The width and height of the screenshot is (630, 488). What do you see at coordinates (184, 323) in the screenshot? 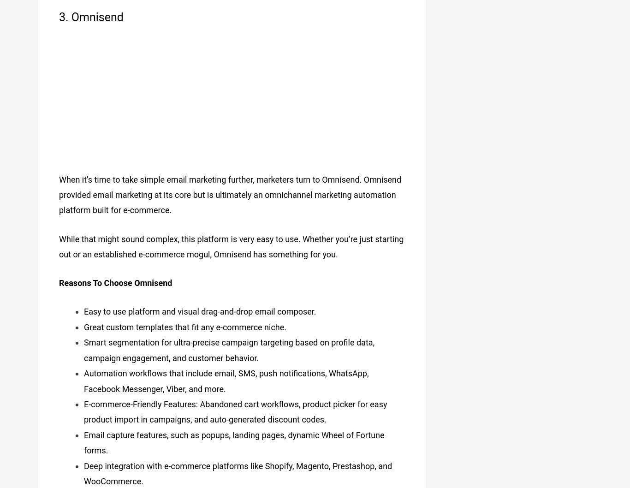
I see `'Great custom templates that fit any e-commerce niche.'` at bounding box center [184, 323].